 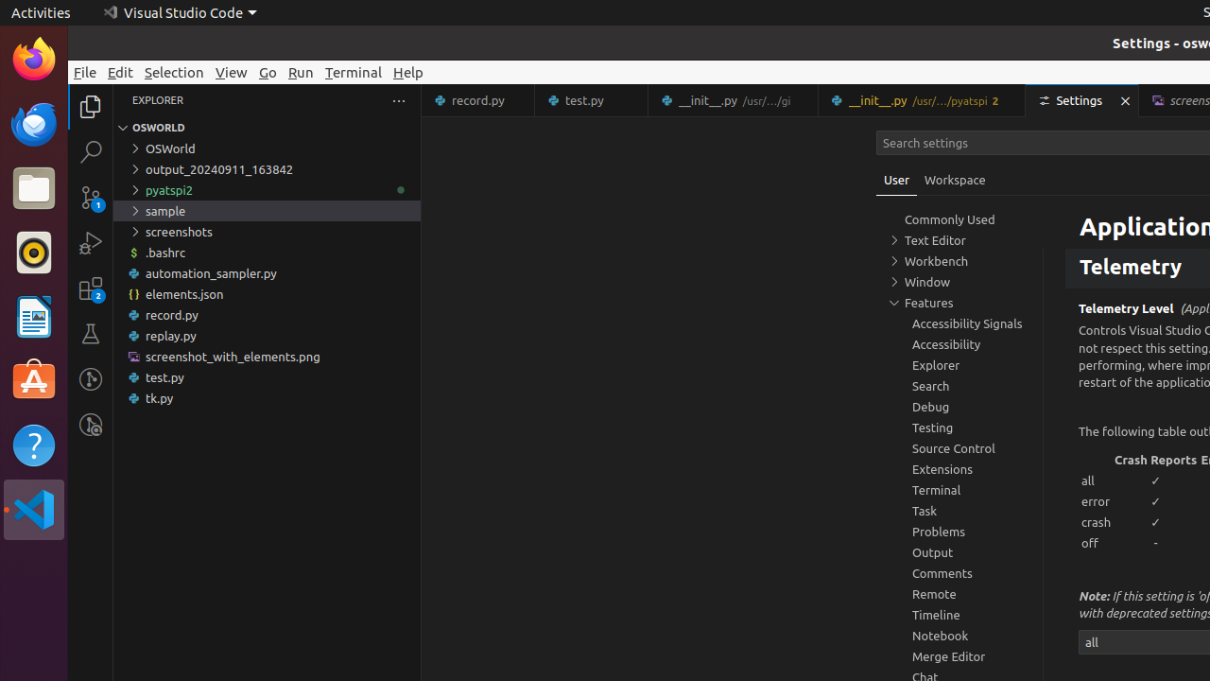 I want to click on 'Timeline, group', so click(x=959, y=615).